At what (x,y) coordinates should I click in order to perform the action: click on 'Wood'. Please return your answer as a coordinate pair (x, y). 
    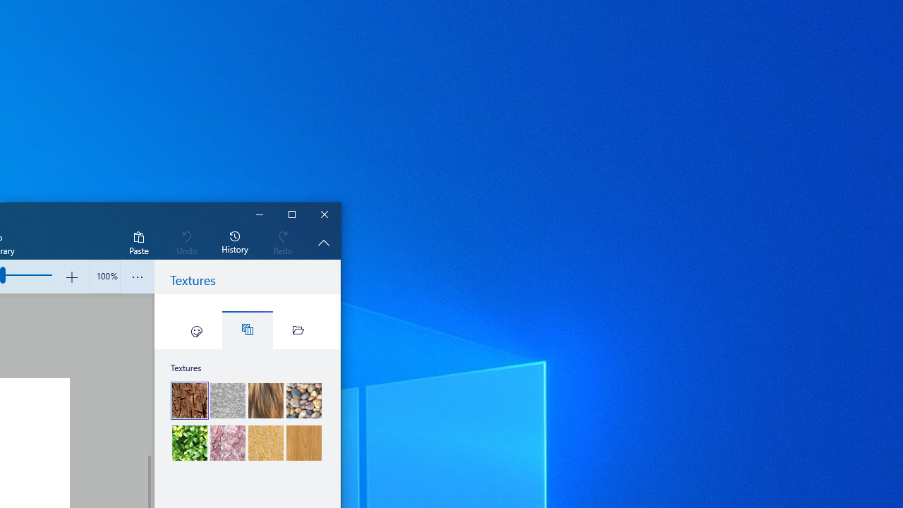
    Looking at the image, I should click on (303, 442).